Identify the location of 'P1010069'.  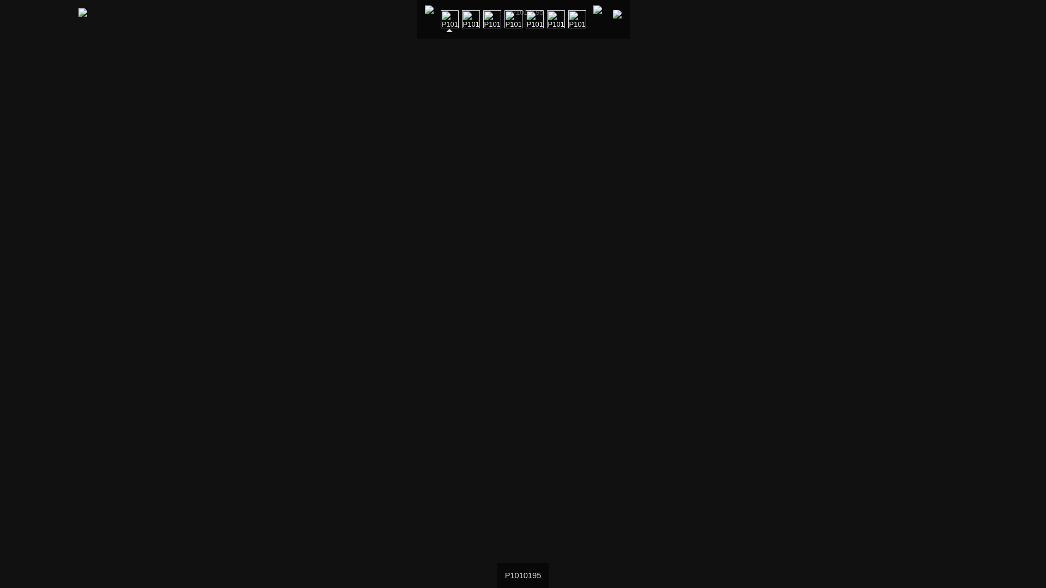
(576, 19).